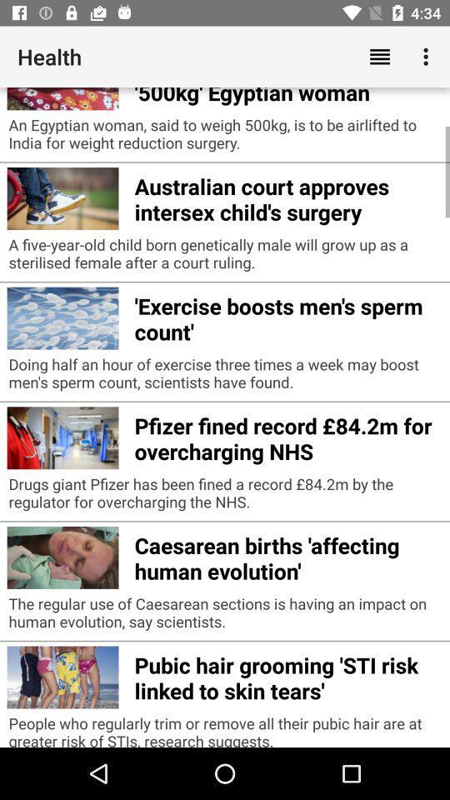 The width and height of the screenshot is (450, 800). Describe the element at coordinates (287, 197) in the screenshot. I see `australian court approves` at that location.